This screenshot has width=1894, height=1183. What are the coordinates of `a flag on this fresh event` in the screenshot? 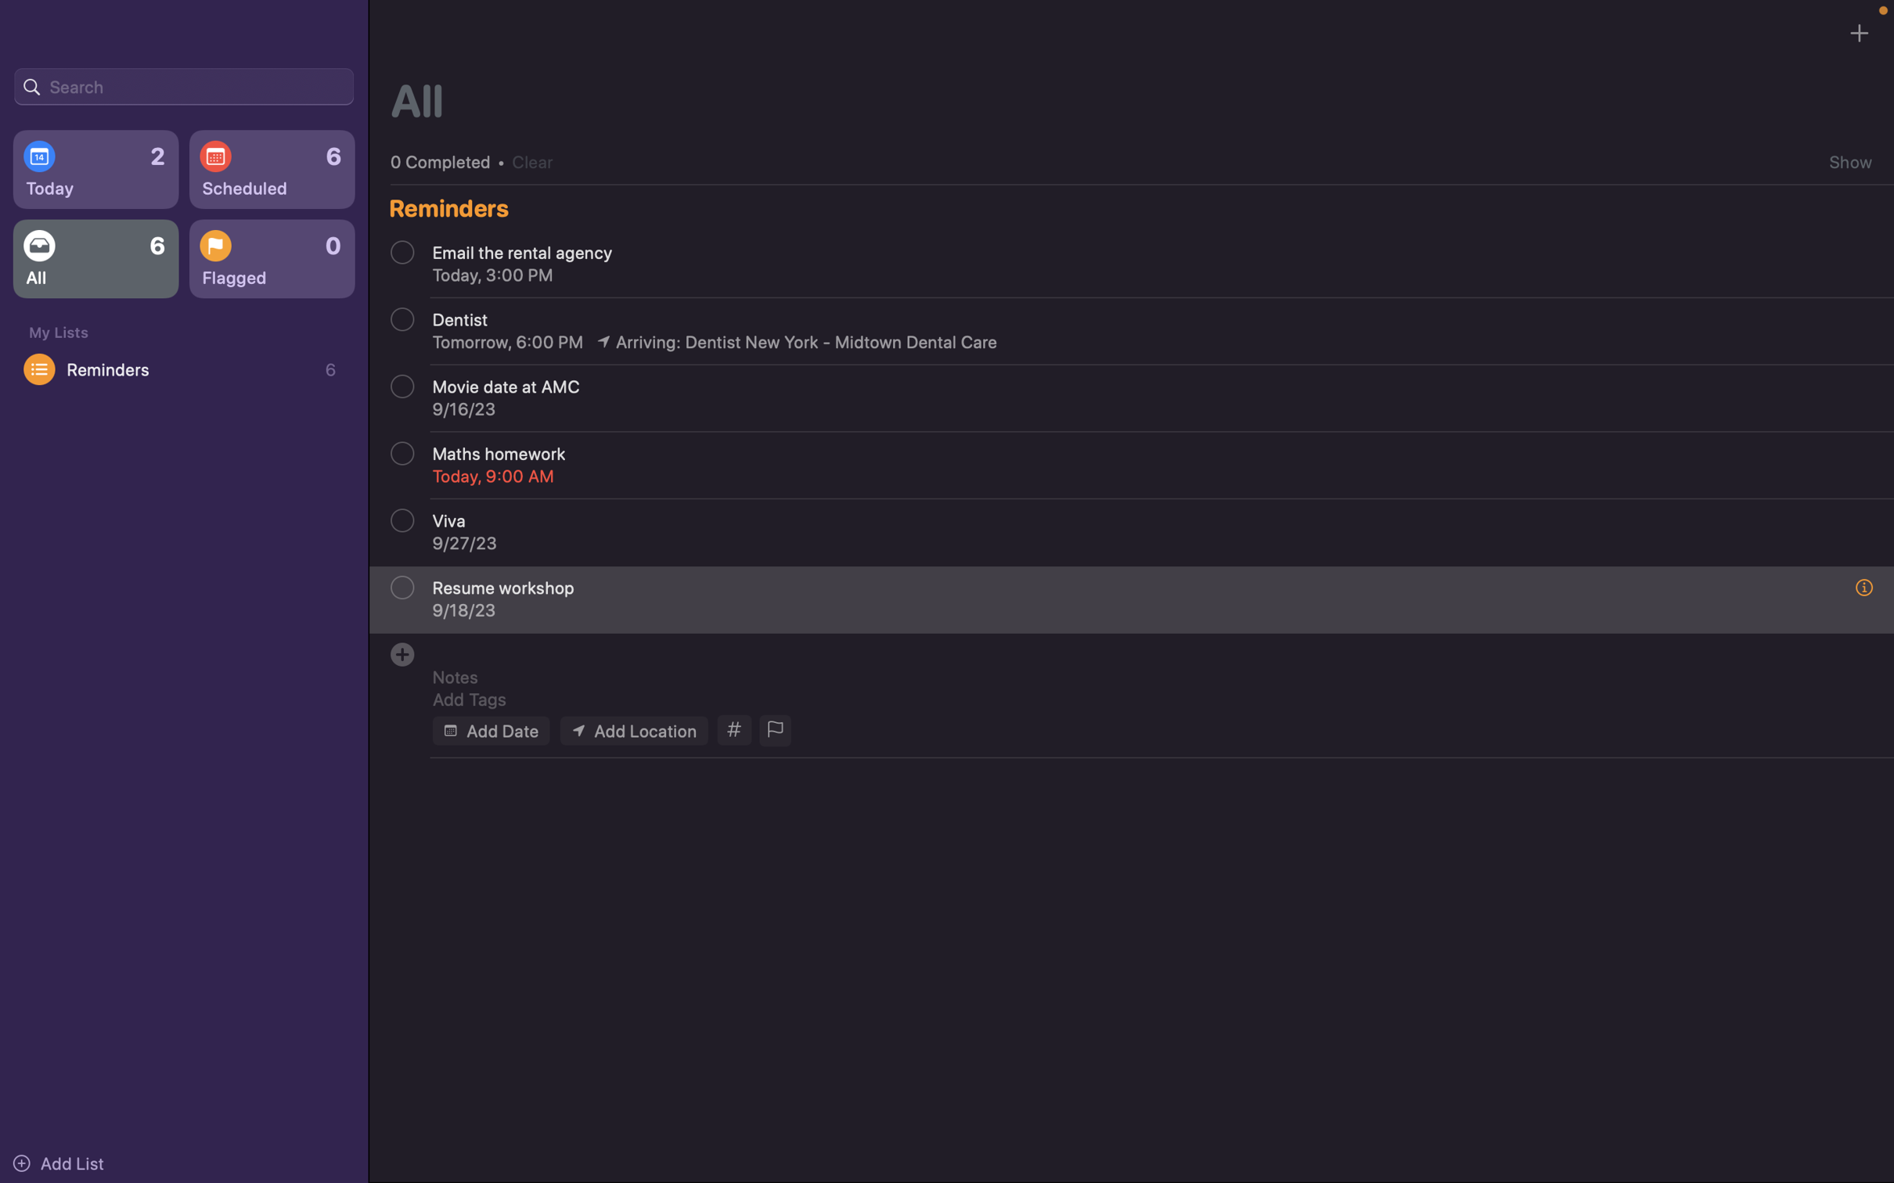 It's located at (773, 731).